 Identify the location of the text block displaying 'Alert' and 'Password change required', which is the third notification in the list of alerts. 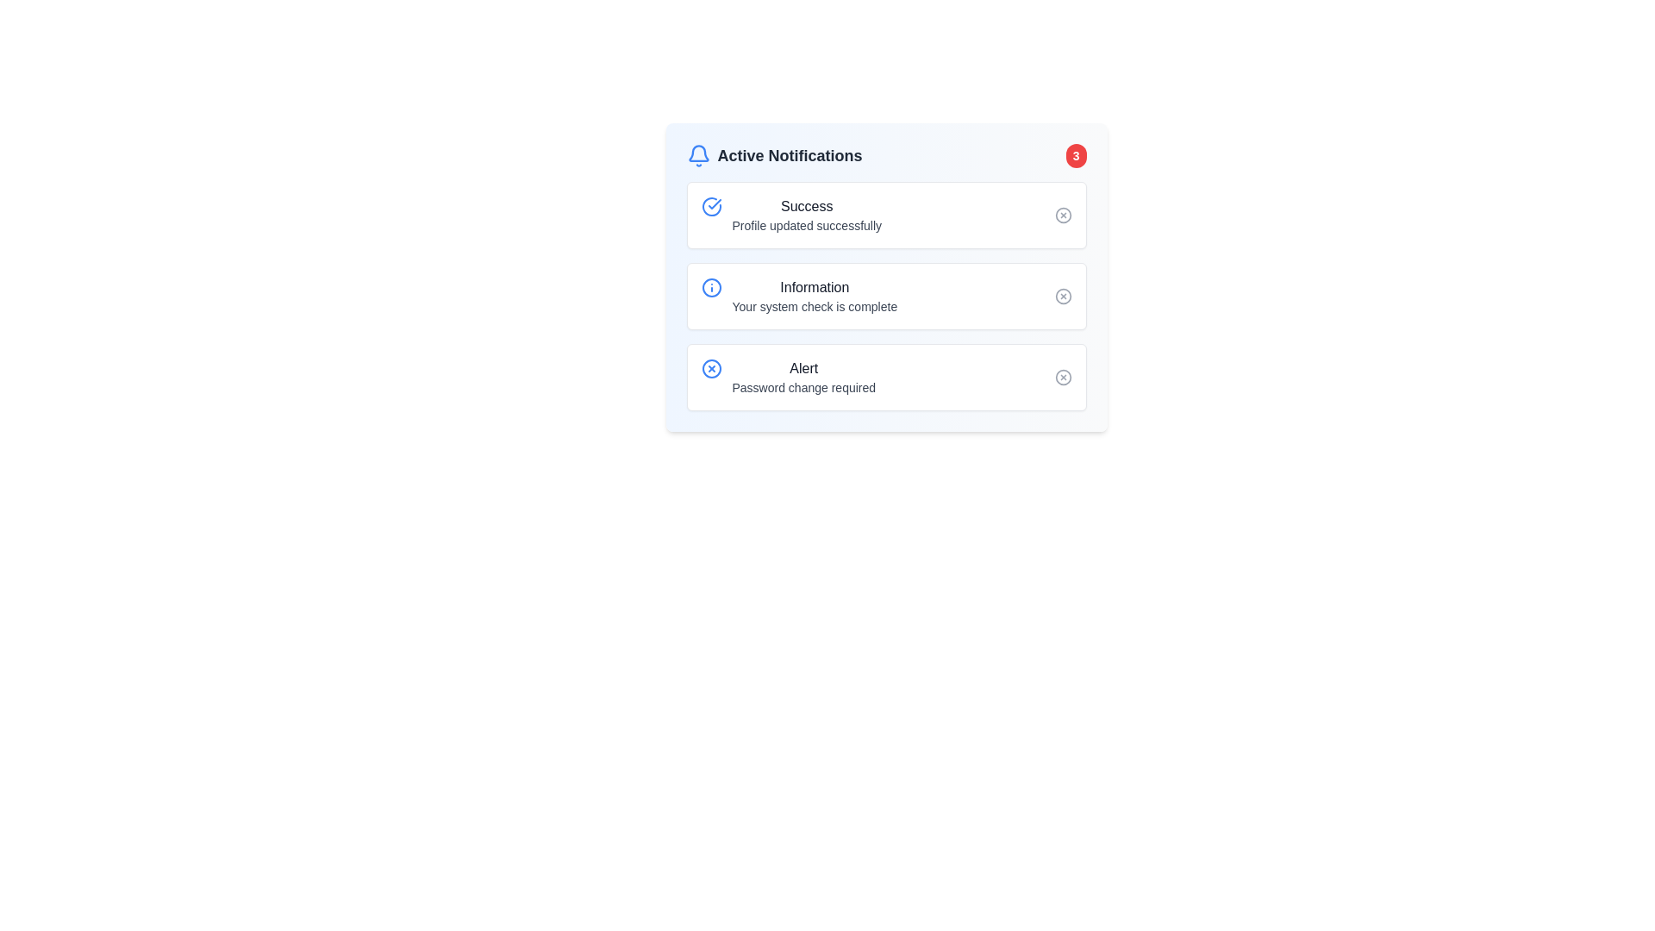
(803, 377).